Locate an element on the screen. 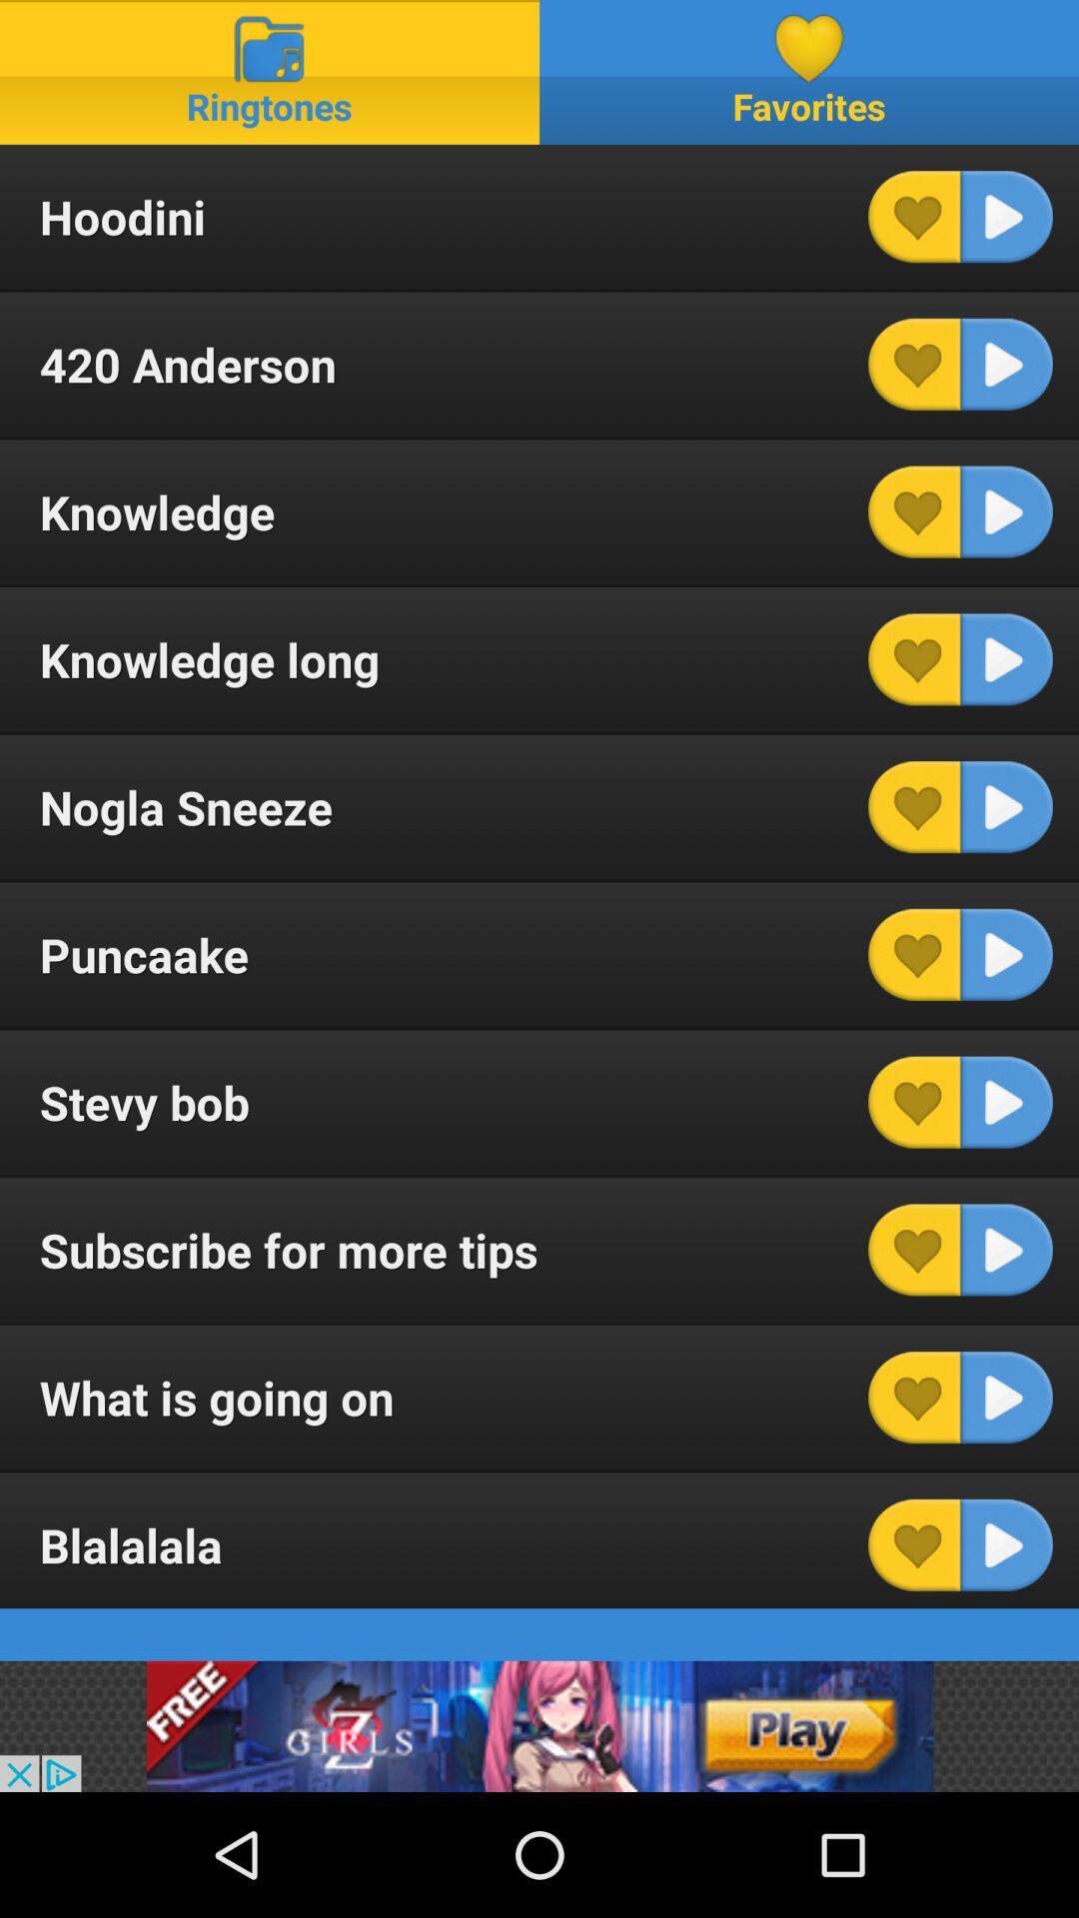 The width and height of the screenshot is (1079, 1918). button is located at coordinates (1006, 1101).